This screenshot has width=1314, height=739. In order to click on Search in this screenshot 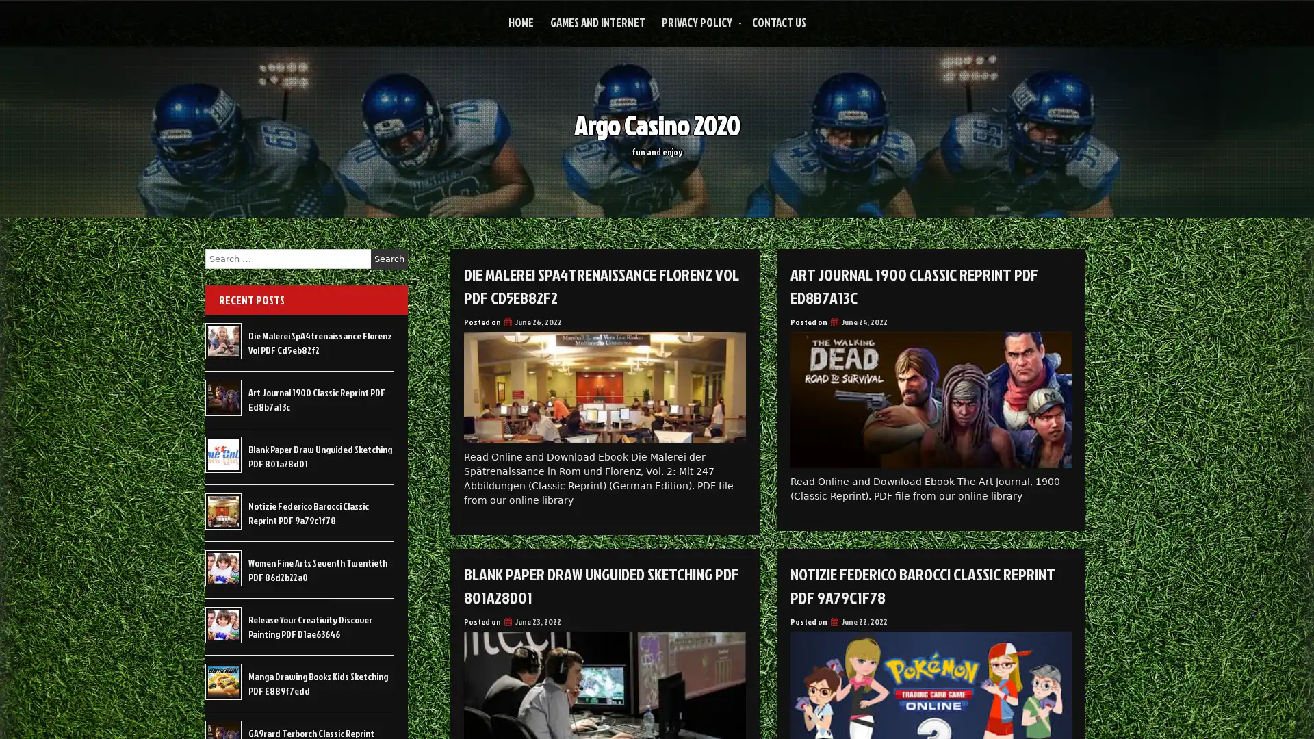, I will do `click(389, 259)`.